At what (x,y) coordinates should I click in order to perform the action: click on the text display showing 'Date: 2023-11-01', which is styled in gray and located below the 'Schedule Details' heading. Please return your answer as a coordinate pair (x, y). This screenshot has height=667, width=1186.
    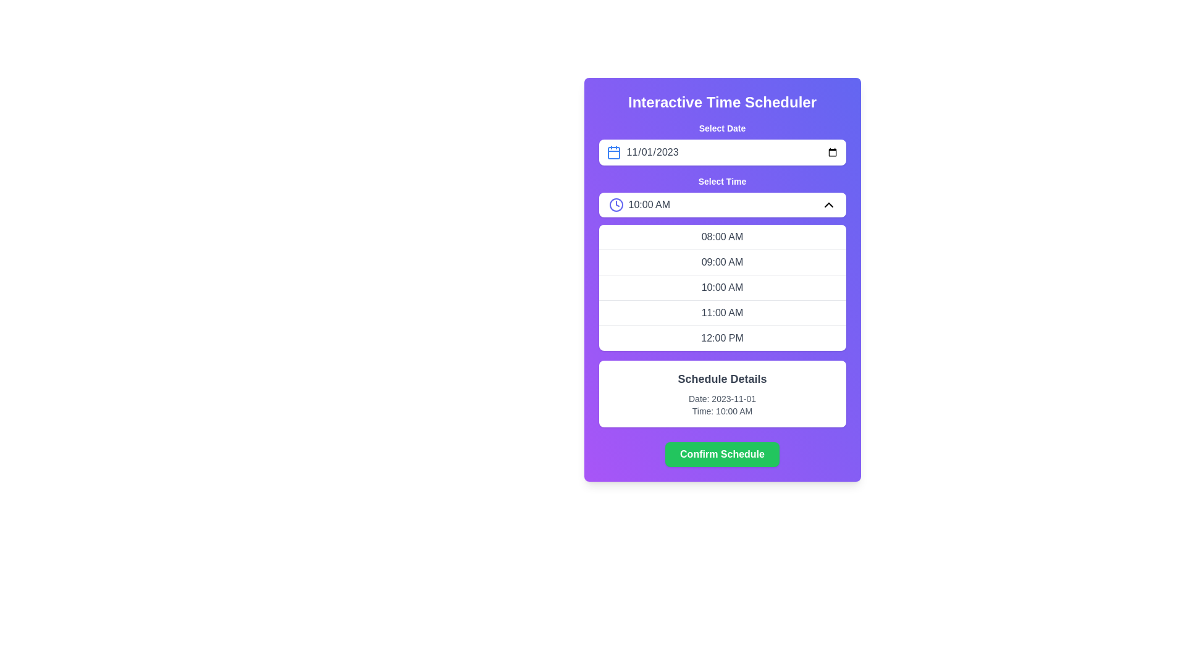
    Looking at the image, I should click on (722, 398).